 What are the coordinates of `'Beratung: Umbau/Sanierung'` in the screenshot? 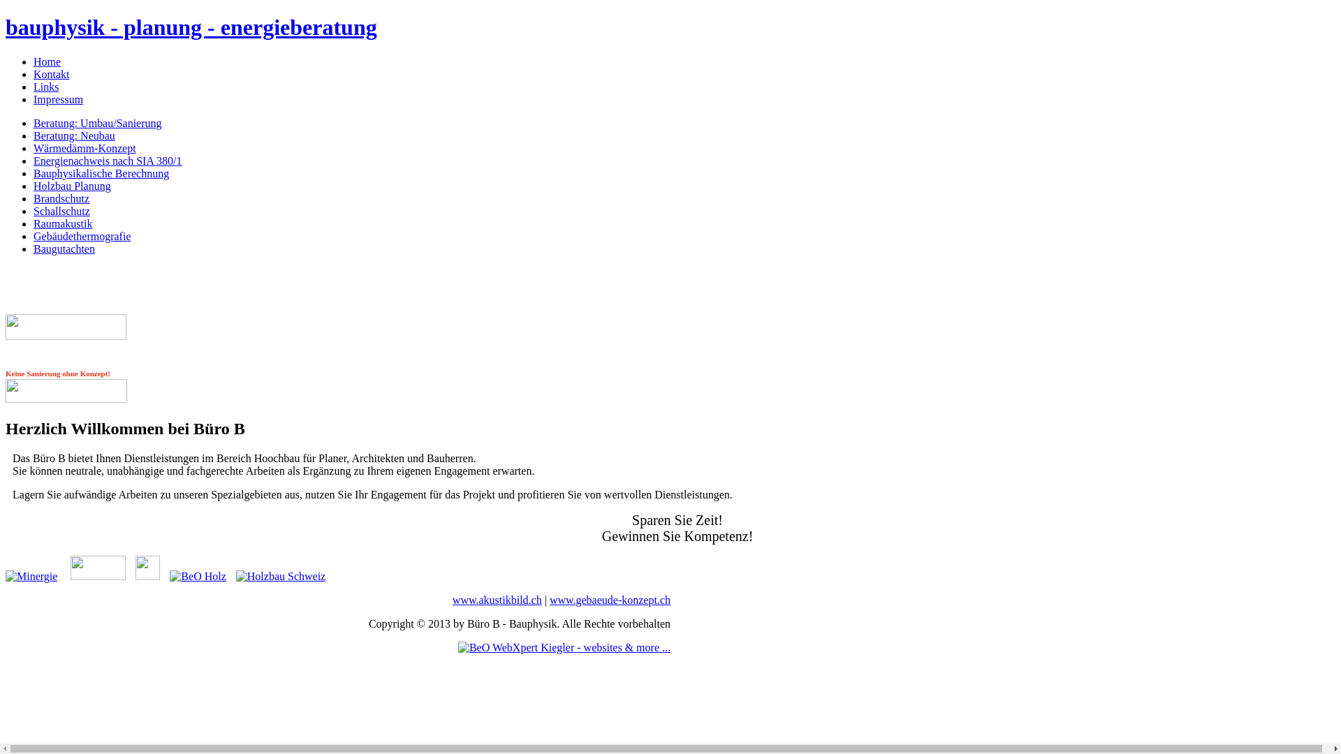 It's located at (96, 122).